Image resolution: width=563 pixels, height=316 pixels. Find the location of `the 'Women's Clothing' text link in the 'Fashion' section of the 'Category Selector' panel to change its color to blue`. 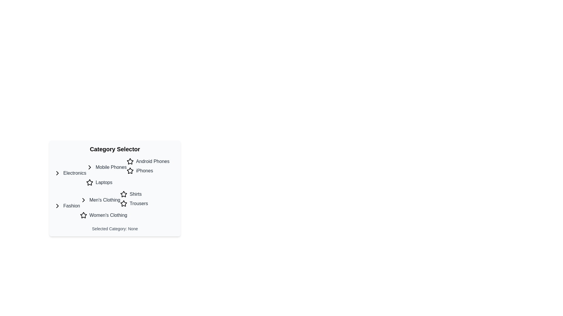

the 'Women's Clothing' text link in the 'Fashion' section of the 'Category Selector' panel to change its color to blue is located at coordinates (108, 215).